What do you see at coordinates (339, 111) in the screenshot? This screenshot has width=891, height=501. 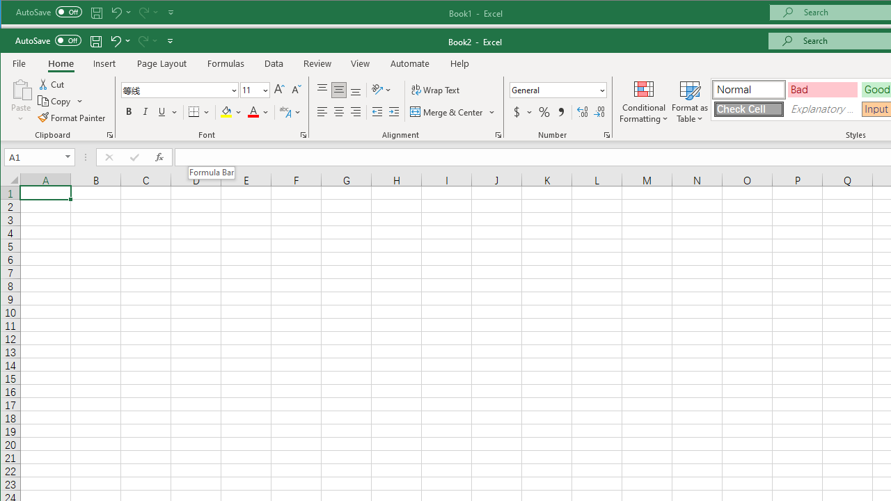 I see `'Center'` at bounding box center [339, 111].